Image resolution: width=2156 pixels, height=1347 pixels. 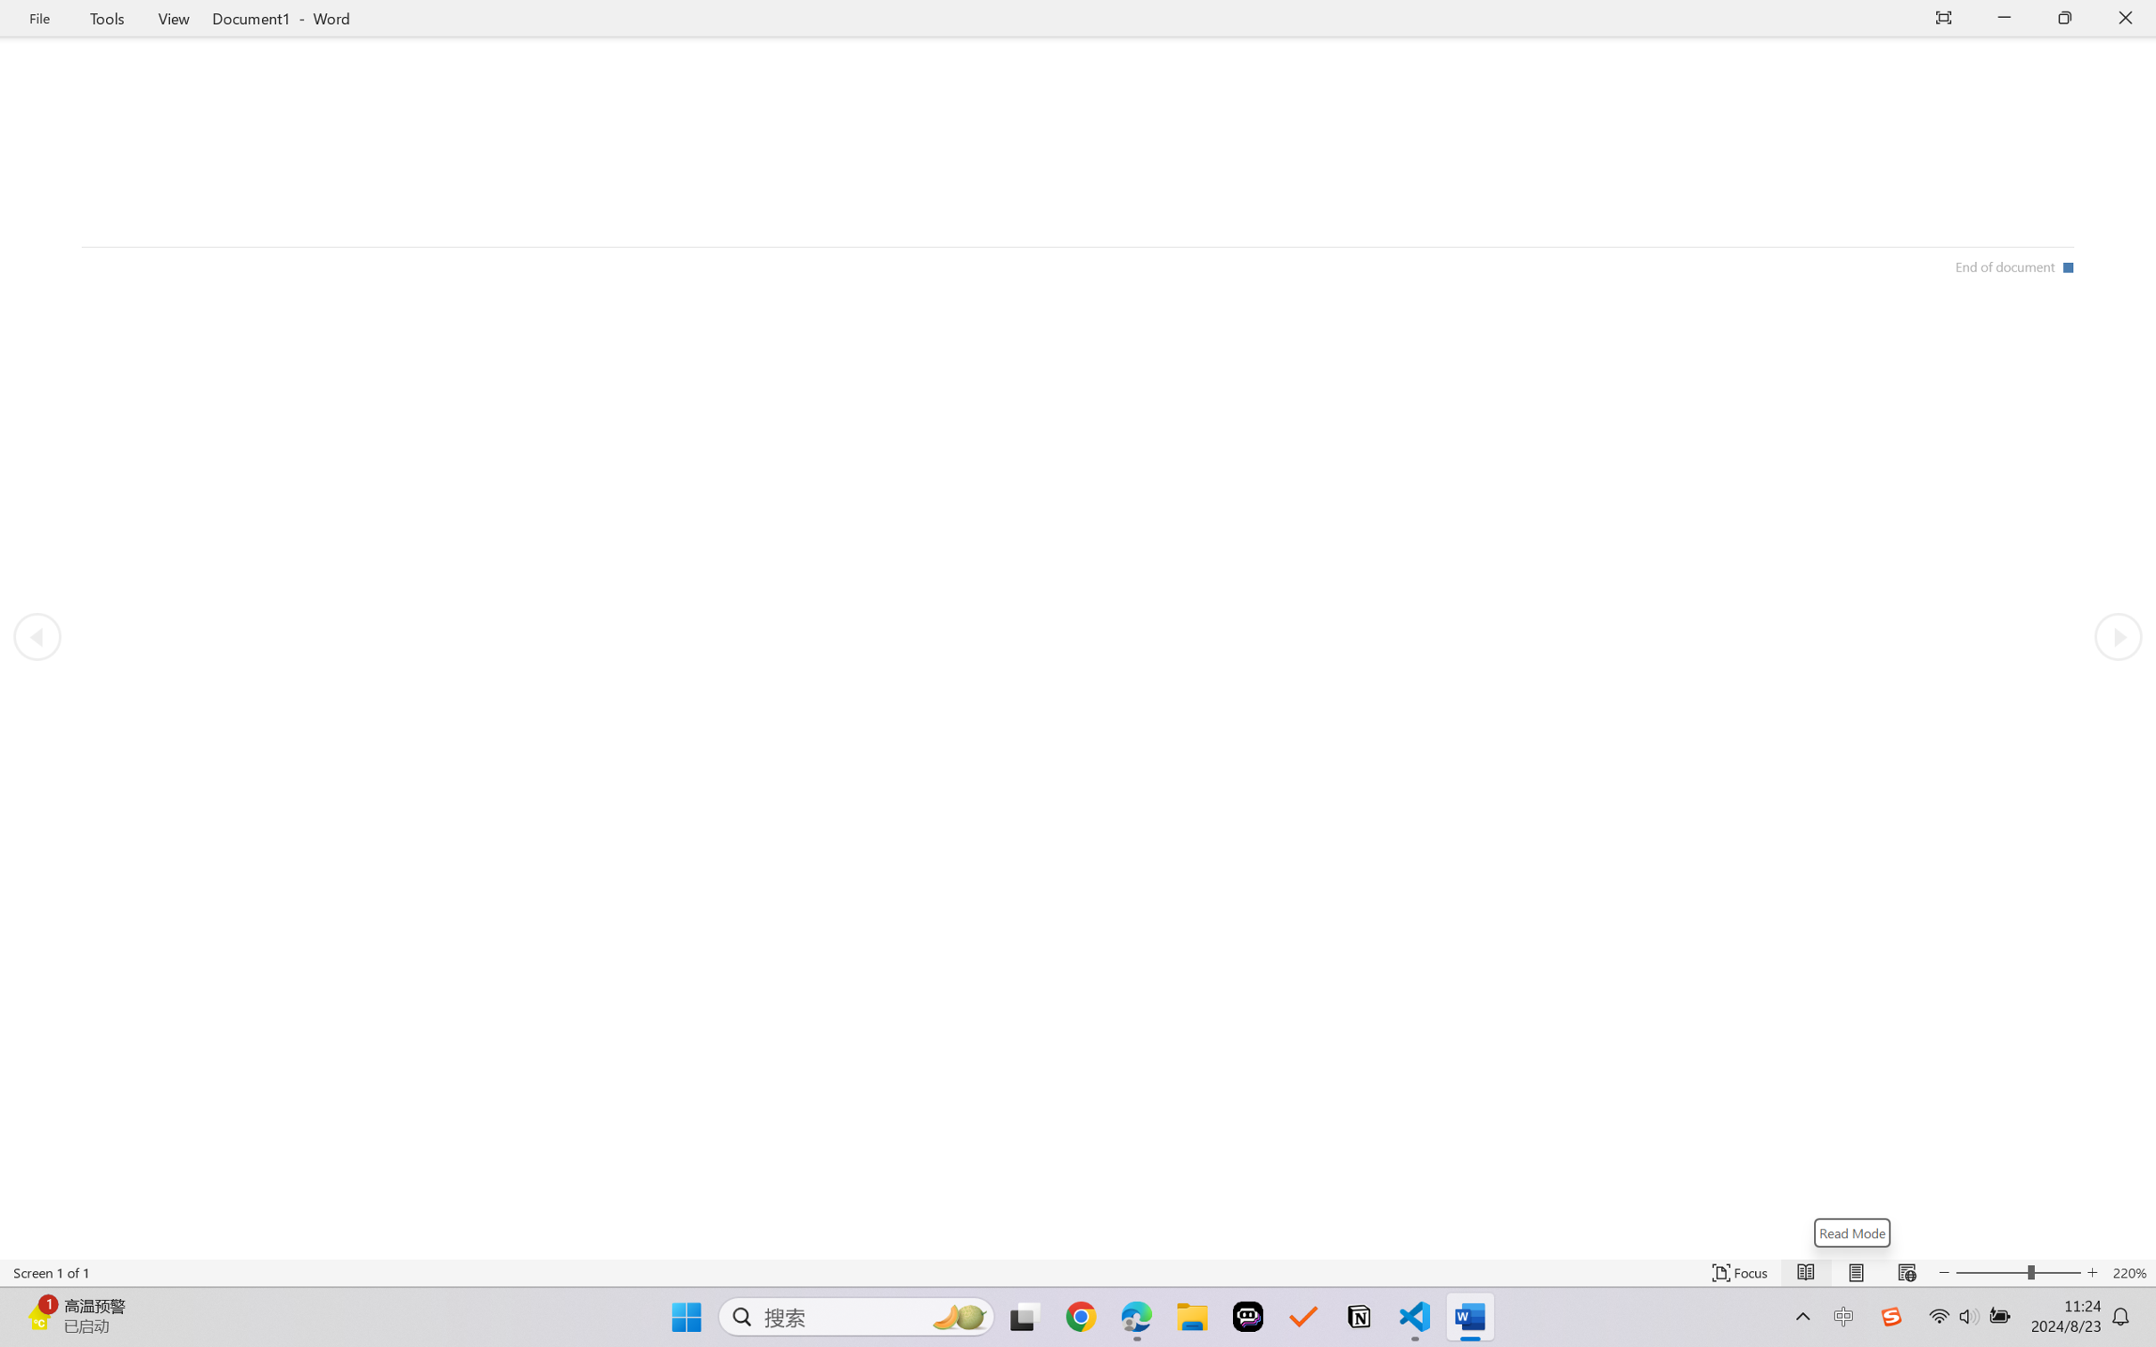 What do you see at coordinates (108, 18) in the screenshot?
I see `'Tools'` at bounding box center [108, 18].